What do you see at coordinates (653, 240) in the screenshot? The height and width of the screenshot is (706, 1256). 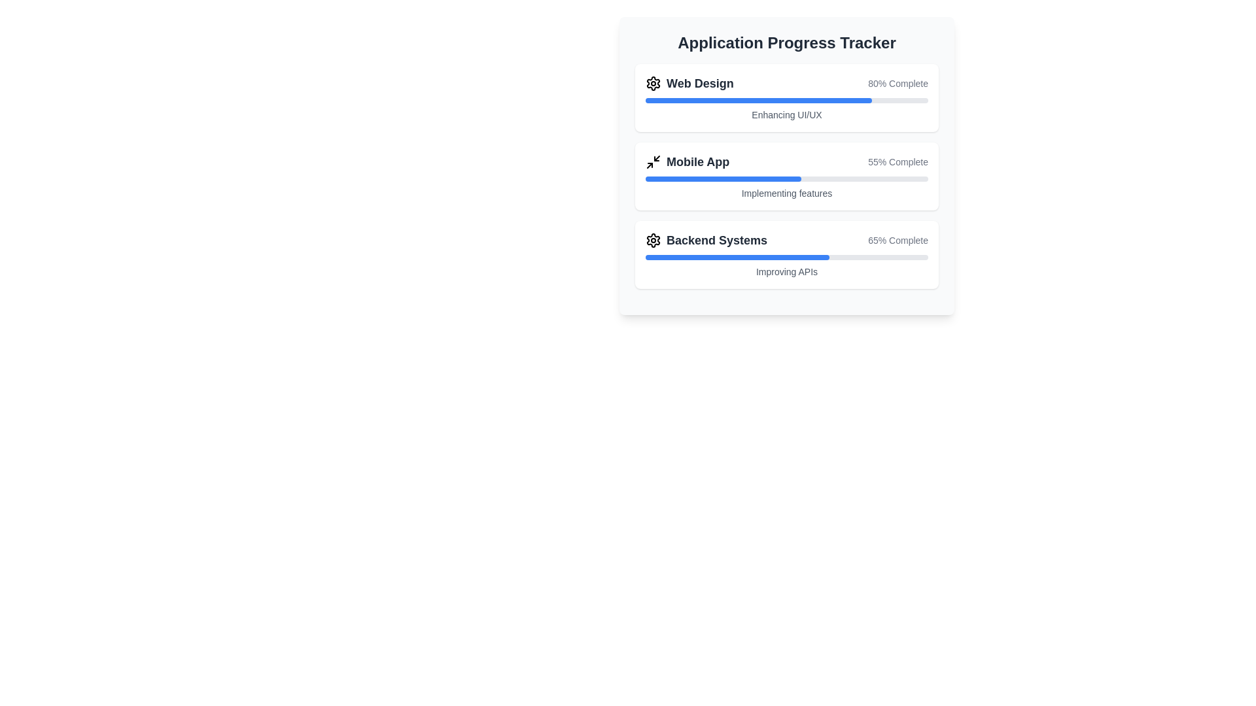 I see `the settings icon located immediately to the left of the 'Backend Systems' text` at bounding box center [653, 240].